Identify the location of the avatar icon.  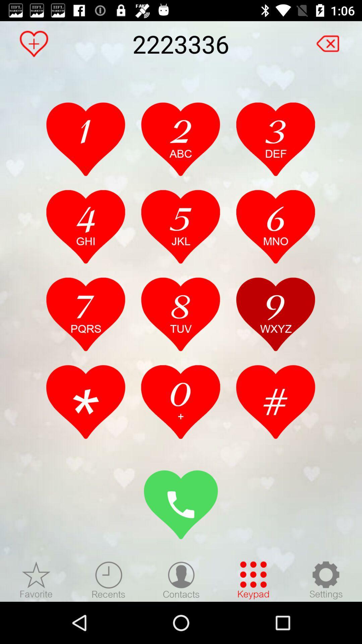
(181, 580).